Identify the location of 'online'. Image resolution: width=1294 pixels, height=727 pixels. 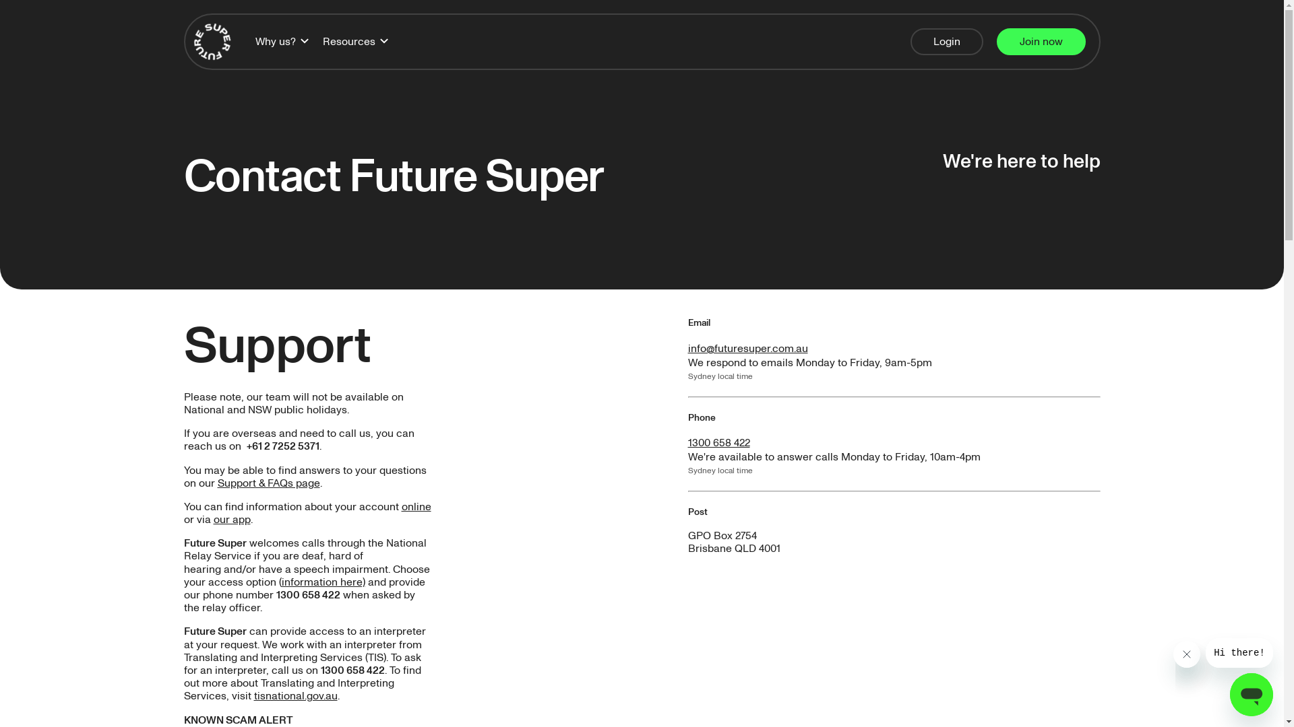
(416, 506).